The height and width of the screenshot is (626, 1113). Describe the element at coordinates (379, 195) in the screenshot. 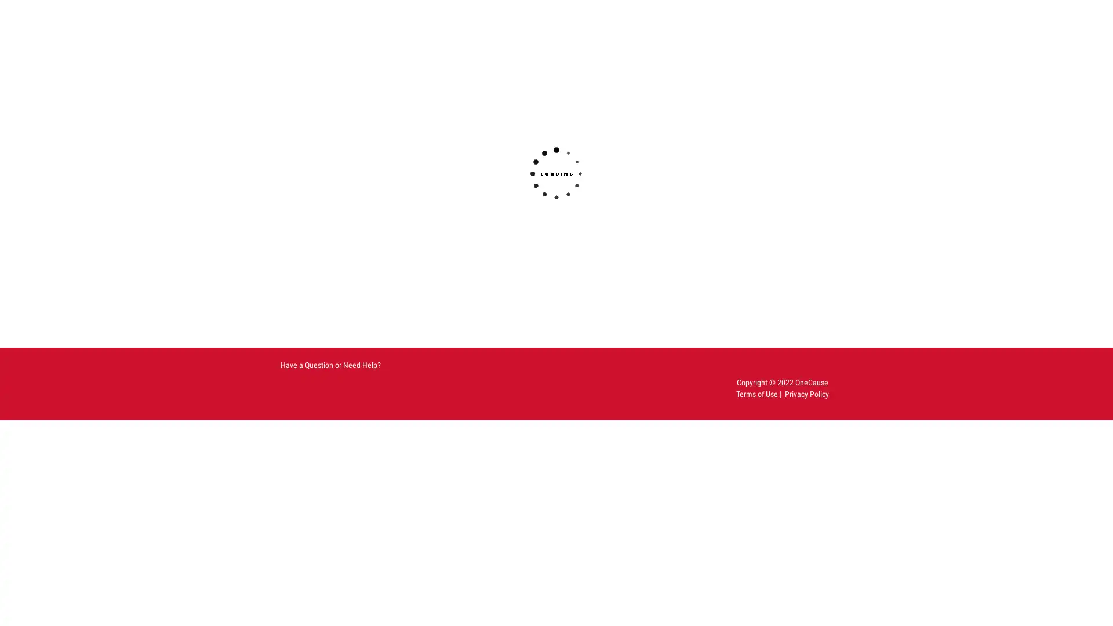

I see `$1,000` at that location.